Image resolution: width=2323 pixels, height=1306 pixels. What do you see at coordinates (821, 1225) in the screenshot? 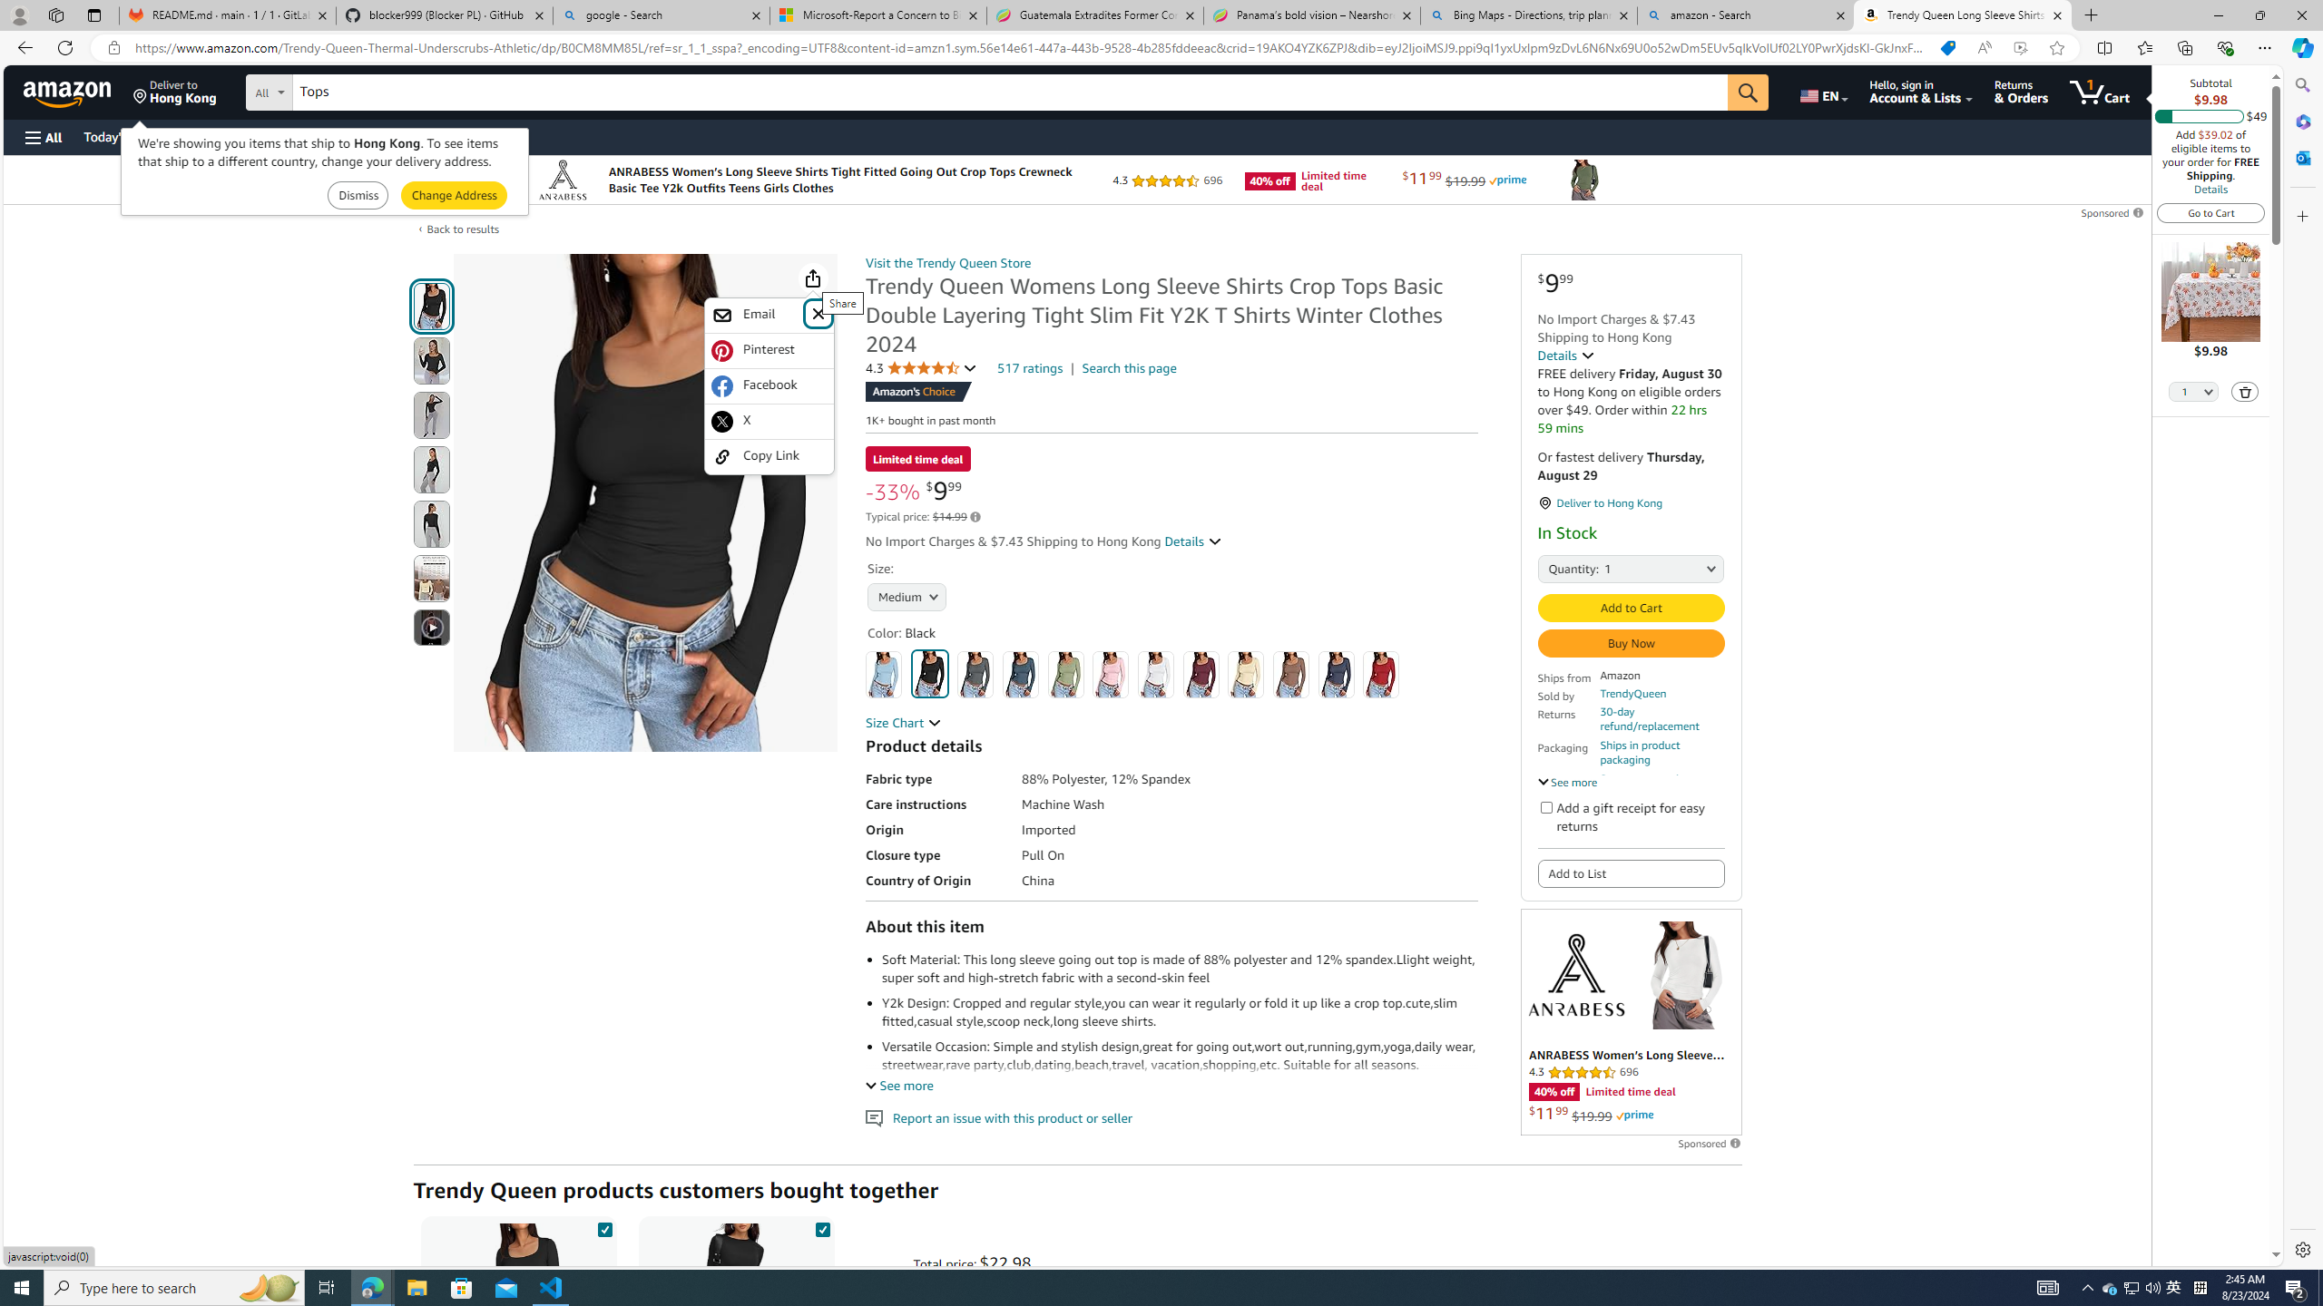
I see `'AutomationID: thematicBundleCheck-2'` at bounding box center [821, 1225].